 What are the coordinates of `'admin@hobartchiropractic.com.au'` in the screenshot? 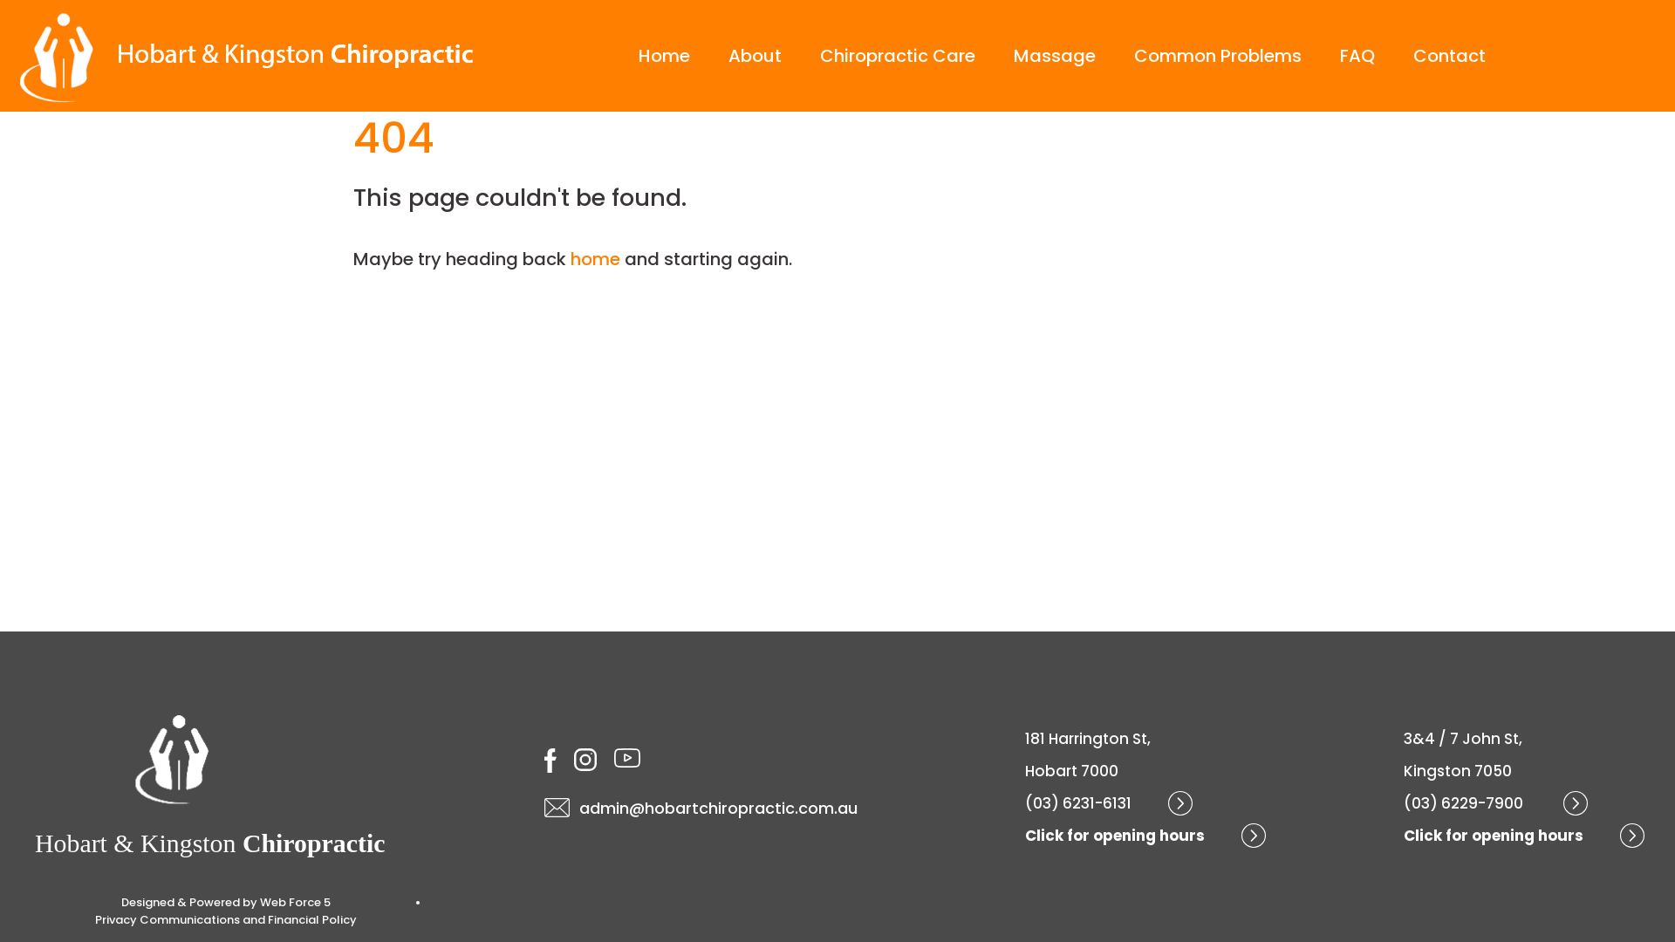 It's located at (701, 808).